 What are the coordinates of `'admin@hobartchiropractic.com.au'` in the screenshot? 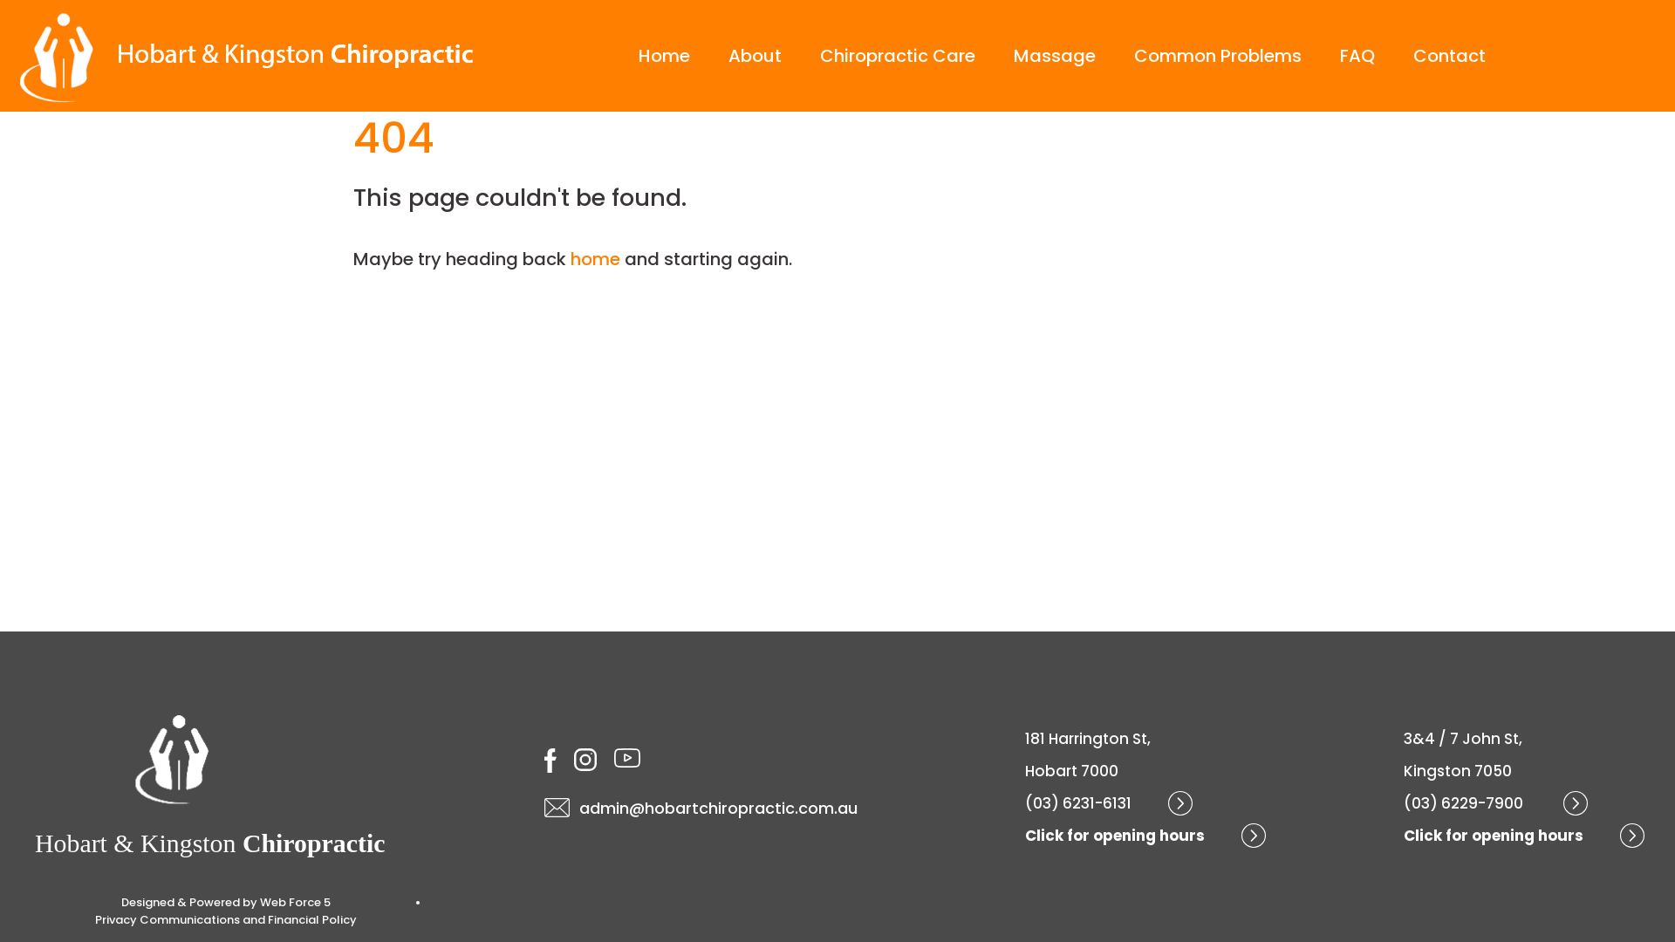 It's located at (701, 808).